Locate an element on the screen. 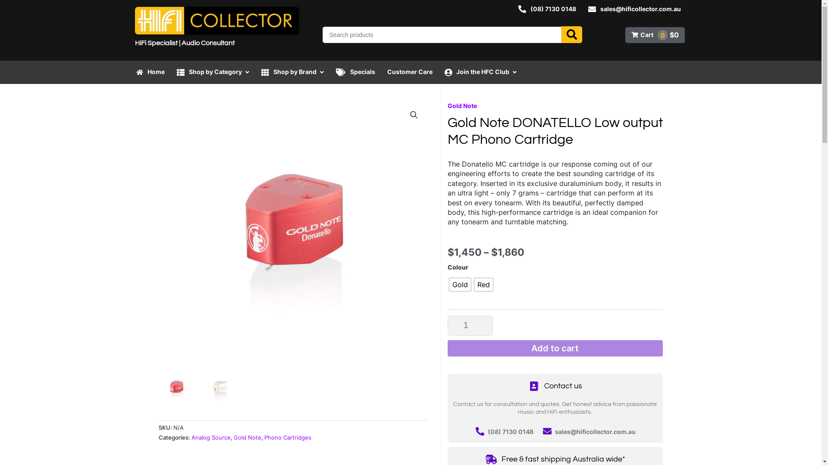  'Phono Cartridges' is located at coordinates (287, 437).